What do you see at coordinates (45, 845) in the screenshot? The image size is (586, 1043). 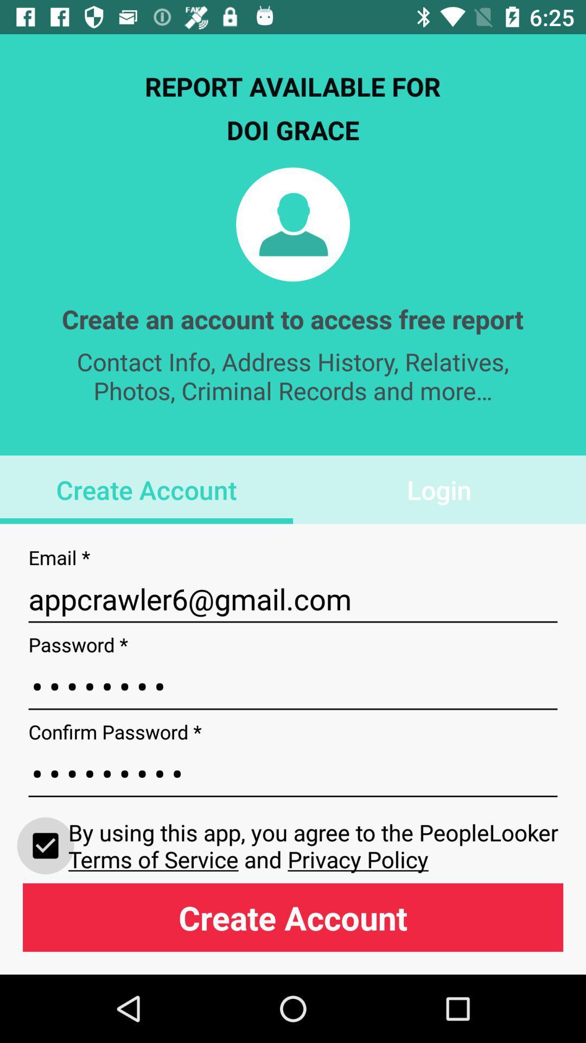 I see `the icon below crowd3116 item` at bounding box center [45, 845].